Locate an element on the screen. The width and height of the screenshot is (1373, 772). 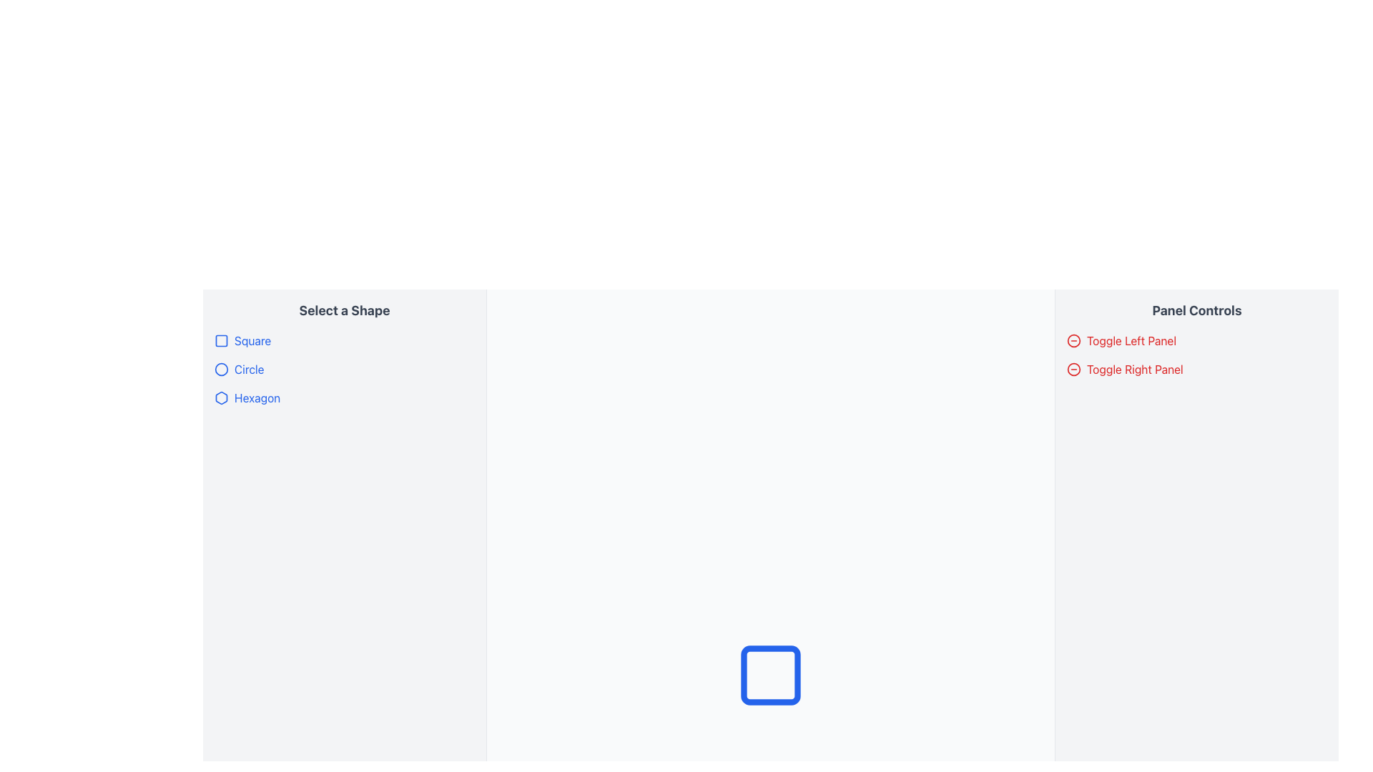
the 'Circle' selectable text label located in the left panel under 'Select a Shape', which is the second option in the list is located at coordinates (249, 368).